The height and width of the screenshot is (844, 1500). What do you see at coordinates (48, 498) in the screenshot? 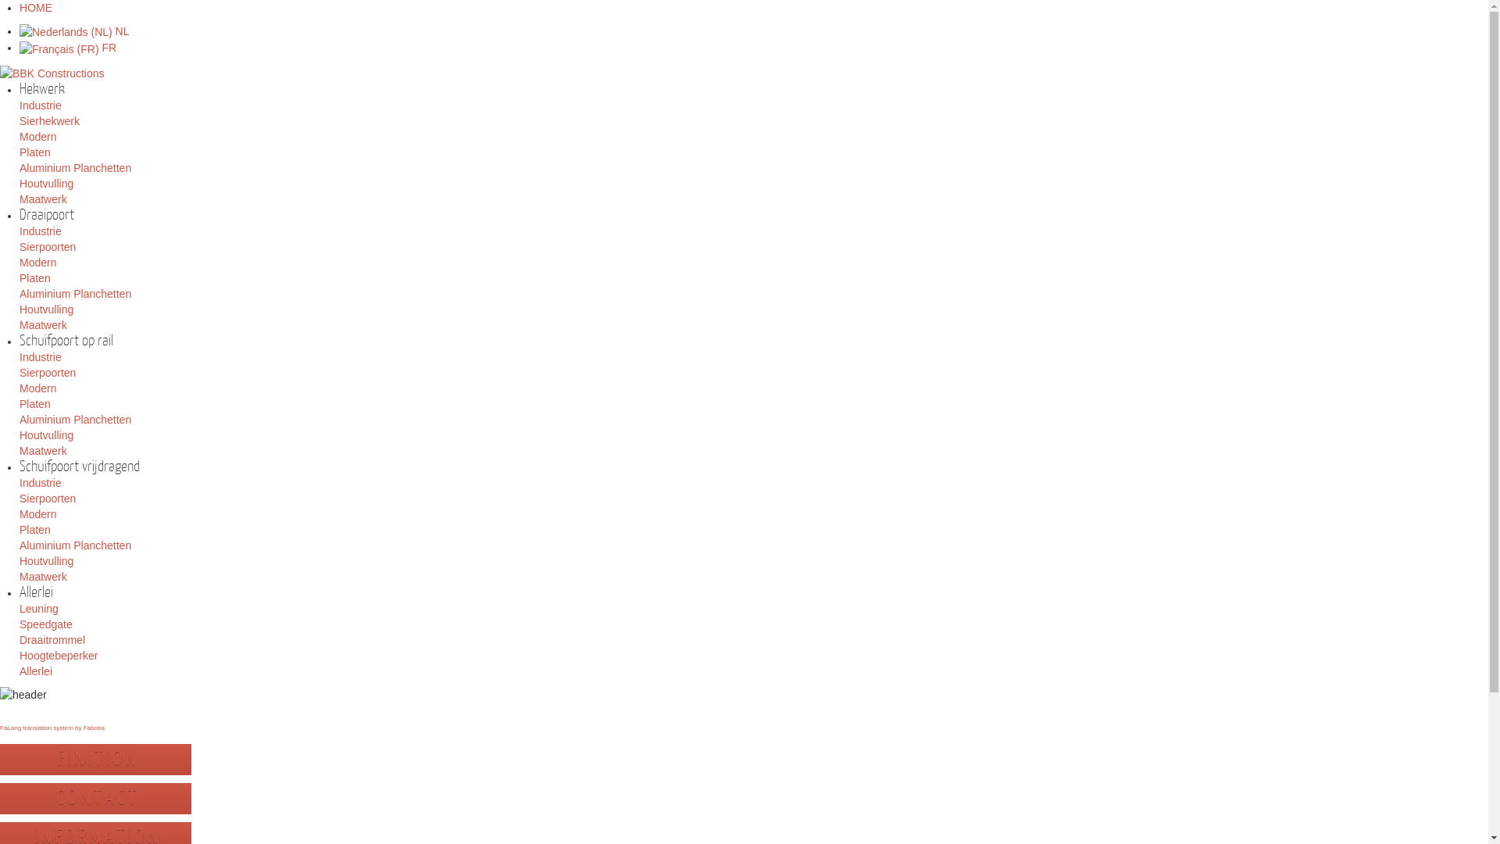
I see `'Sierpoorten'` at bounding box center [48, 498].